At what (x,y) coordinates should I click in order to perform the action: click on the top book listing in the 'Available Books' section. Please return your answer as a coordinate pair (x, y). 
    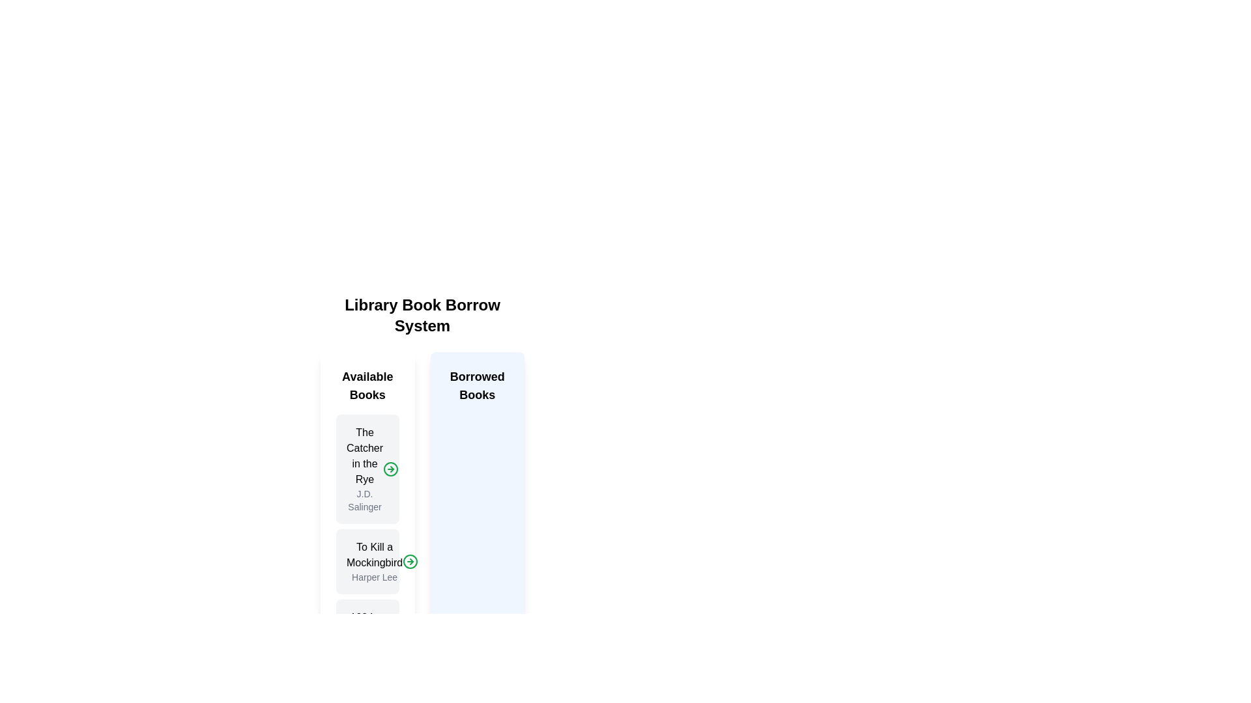
    Looking at the image, I should click on (367, 469).